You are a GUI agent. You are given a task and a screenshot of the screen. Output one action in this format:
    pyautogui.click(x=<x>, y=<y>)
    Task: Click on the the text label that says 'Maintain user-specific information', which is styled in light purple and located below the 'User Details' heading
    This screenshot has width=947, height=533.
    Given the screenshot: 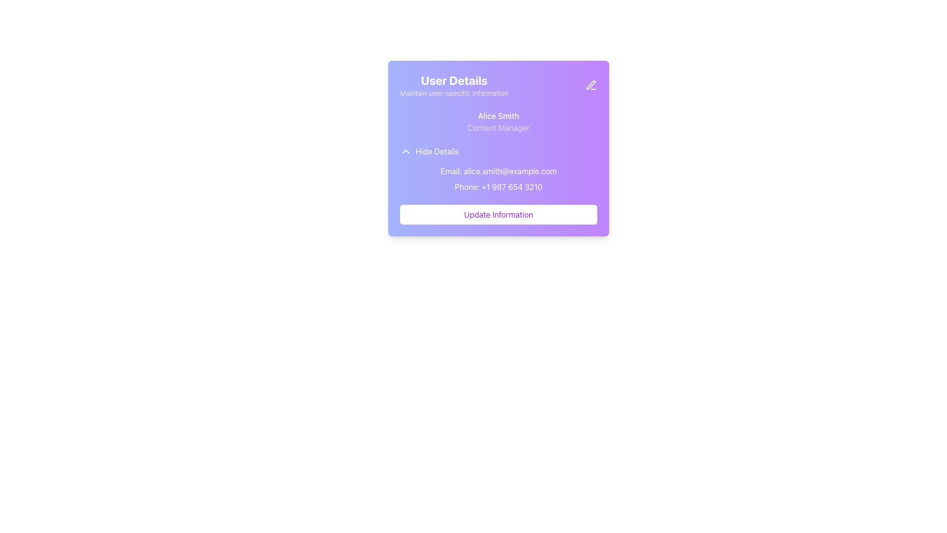 What is the action you would take?
    pyautogui.click(x=454, y=93)
    